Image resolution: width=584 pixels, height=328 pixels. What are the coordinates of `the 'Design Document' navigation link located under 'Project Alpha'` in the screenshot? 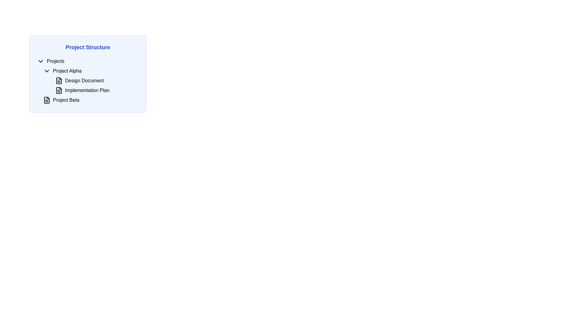 It's located at (96, 80).